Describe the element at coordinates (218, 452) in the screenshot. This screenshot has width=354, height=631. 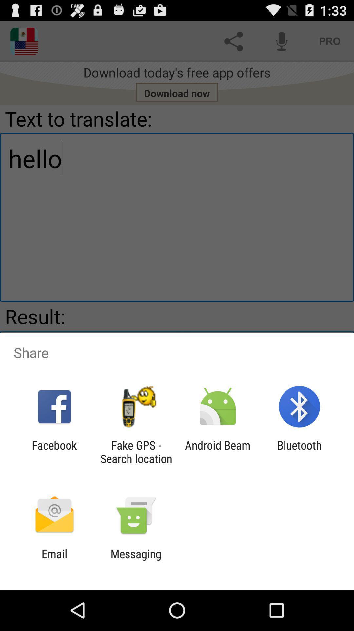
I see `android beam icon` at that location.